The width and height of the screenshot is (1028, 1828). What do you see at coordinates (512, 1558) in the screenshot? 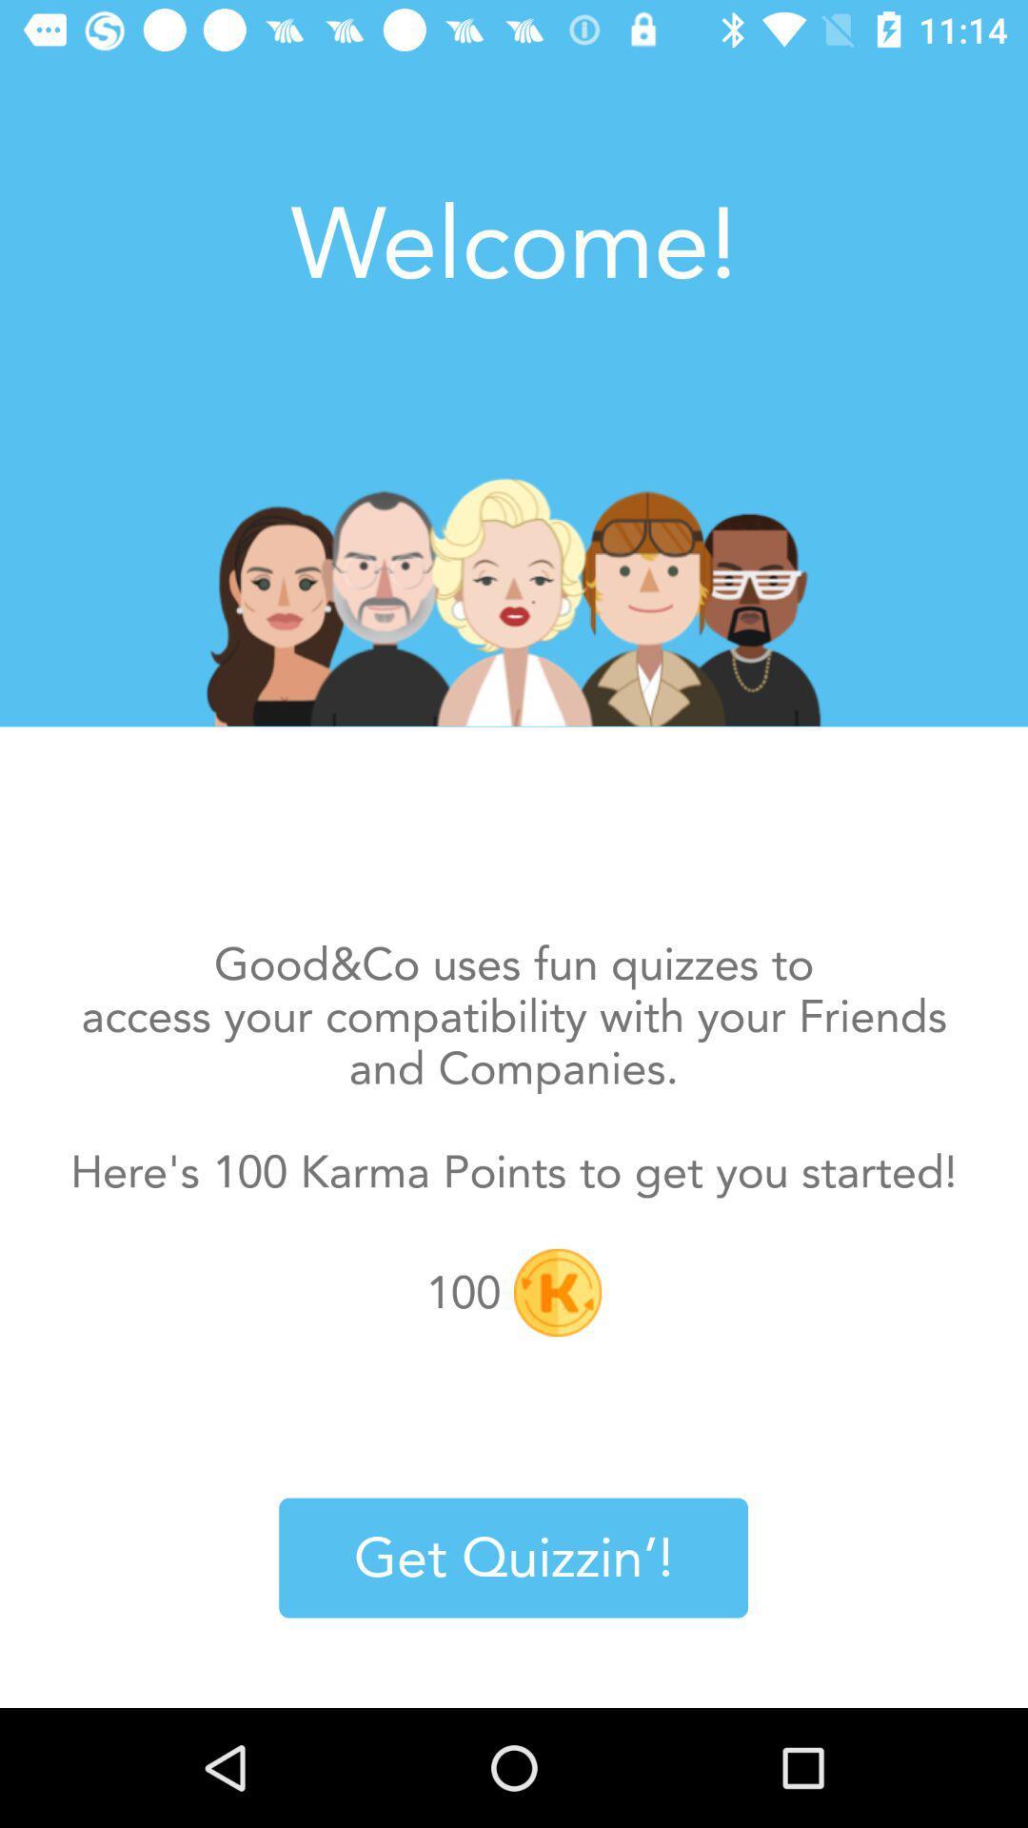
I see `icon below the 100` at bounding box center [512, 1558].